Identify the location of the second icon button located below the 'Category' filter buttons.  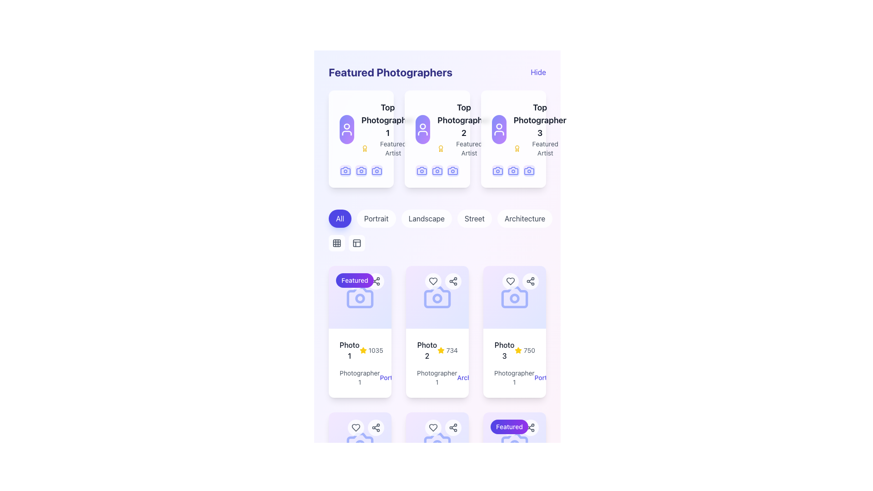
(356, 243).